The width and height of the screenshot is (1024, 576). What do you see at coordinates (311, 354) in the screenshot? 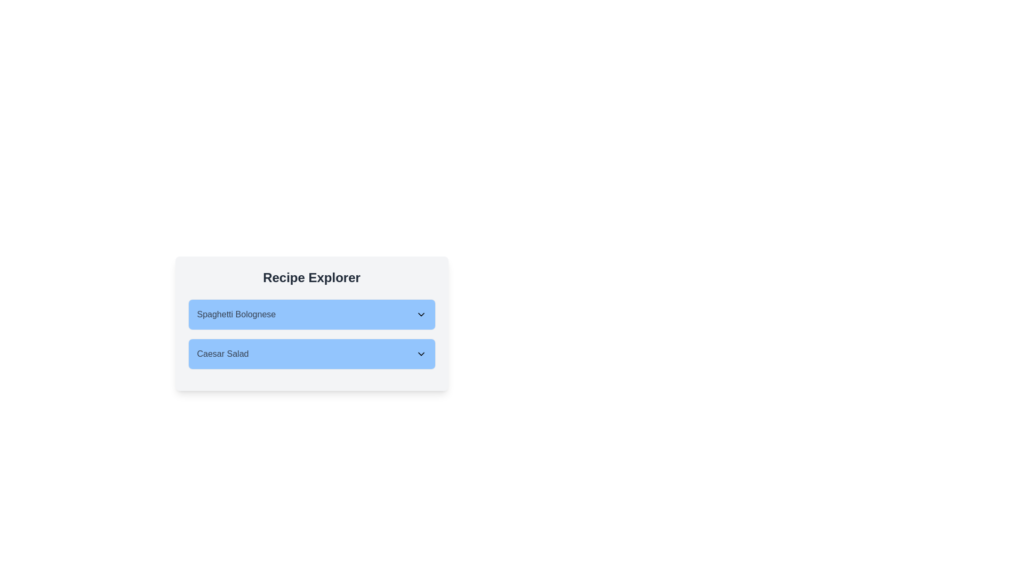
I see `the Dropdown trigger button for Caesar Salad located at the bottom-middle section of the interface` at bounding box center [311, 354].